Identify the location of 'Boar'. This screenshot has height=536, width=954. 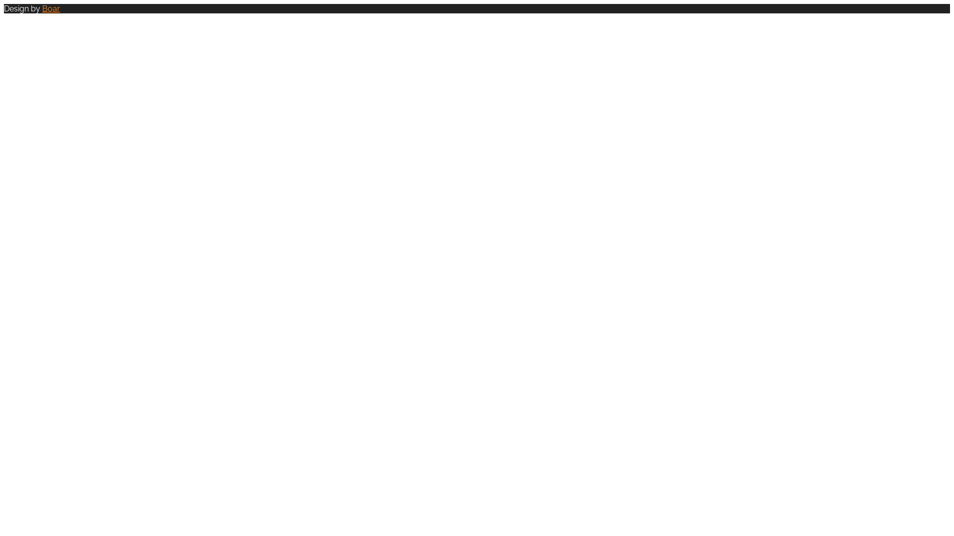
(50, 8).